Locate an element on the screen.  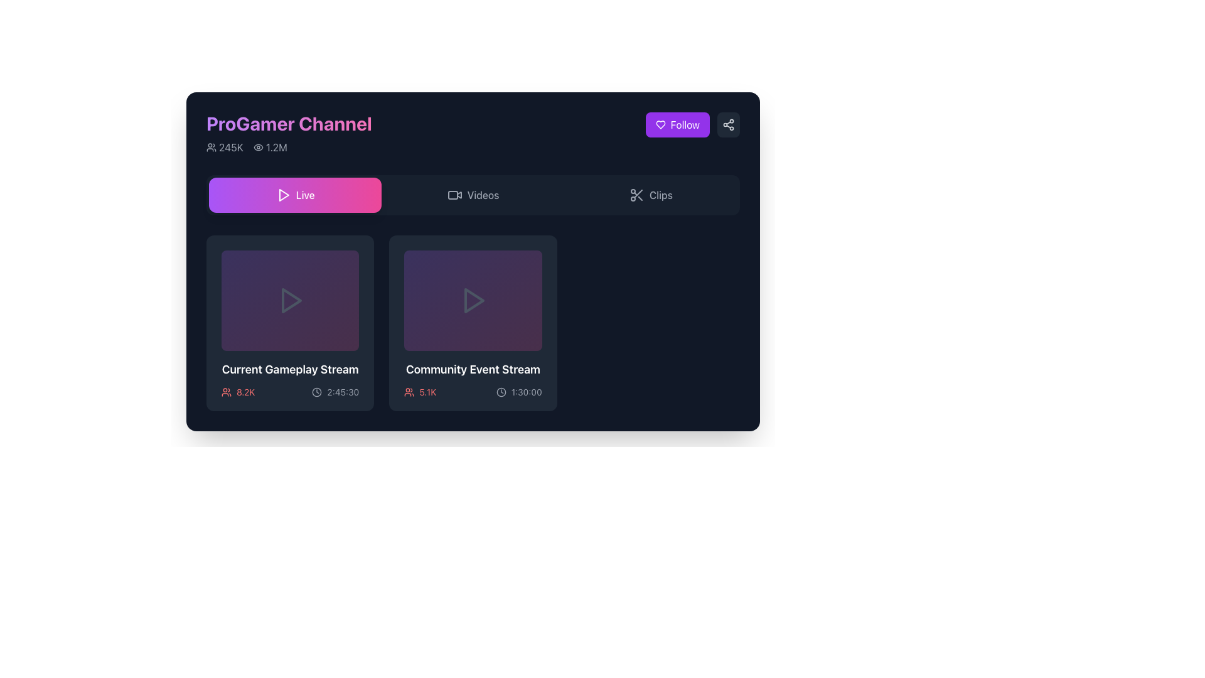
the 'Clips' button located in the rightmost section of the navigation bar, which is labeled with the text 'Clips' and has an icon resembling scissors is located at coordinates (650, 195).